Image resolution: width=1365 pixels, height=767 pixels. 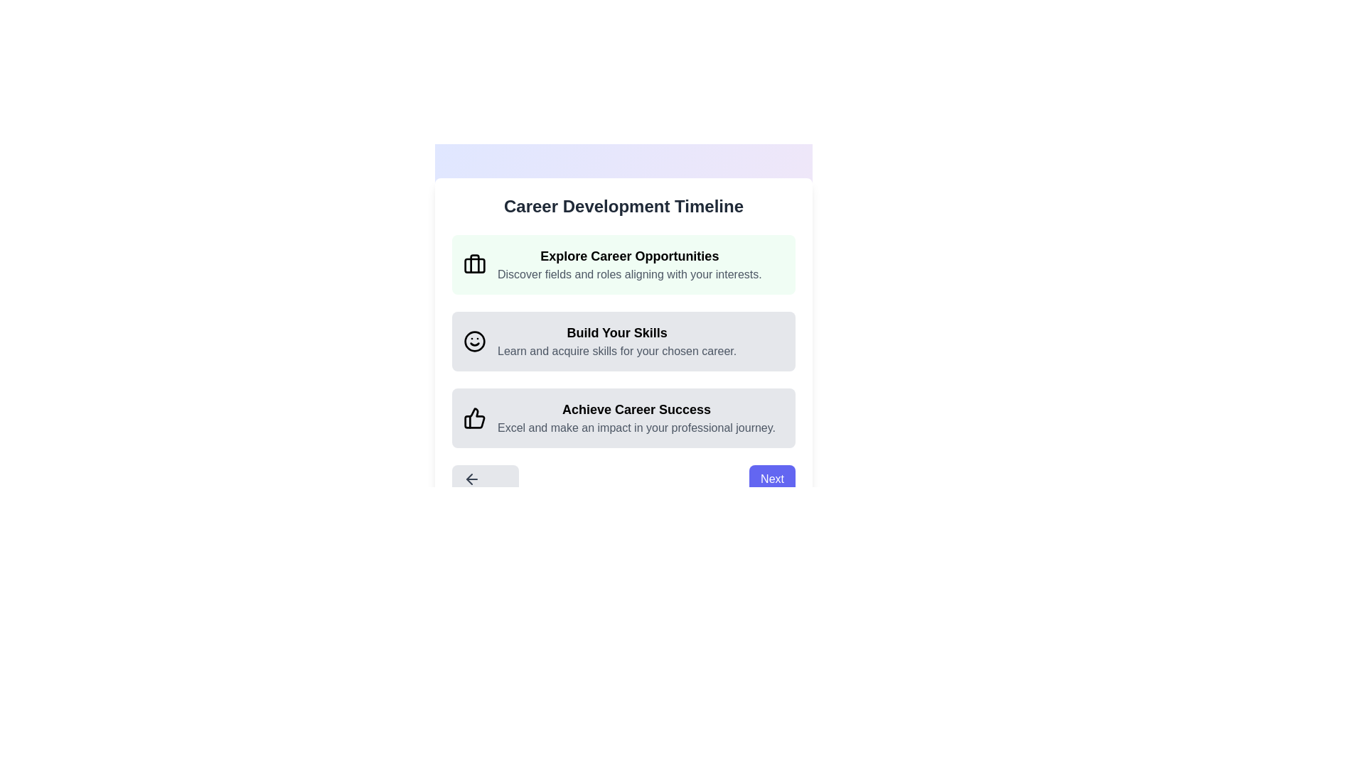 What do you see at coordinates (486, 486) in the screenshot?
I see `'Previous' button to navigate to the previous step` at bounding box center [486, 486].